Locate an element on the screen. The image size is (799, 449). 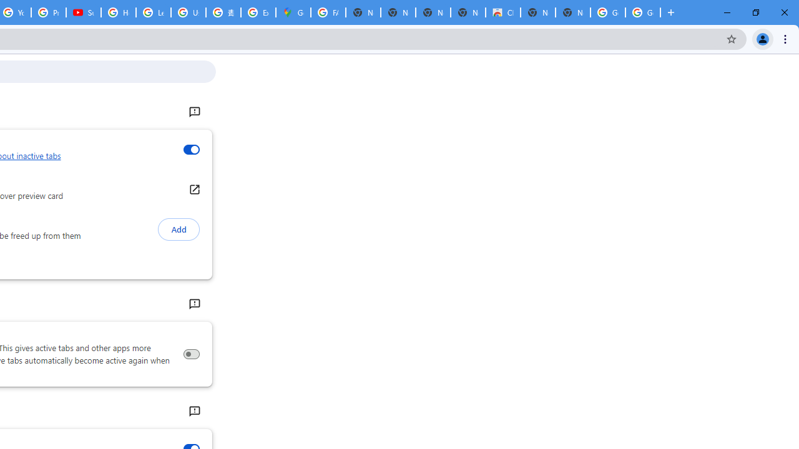
'Memory Saver' is located at coordinates (190, 354).